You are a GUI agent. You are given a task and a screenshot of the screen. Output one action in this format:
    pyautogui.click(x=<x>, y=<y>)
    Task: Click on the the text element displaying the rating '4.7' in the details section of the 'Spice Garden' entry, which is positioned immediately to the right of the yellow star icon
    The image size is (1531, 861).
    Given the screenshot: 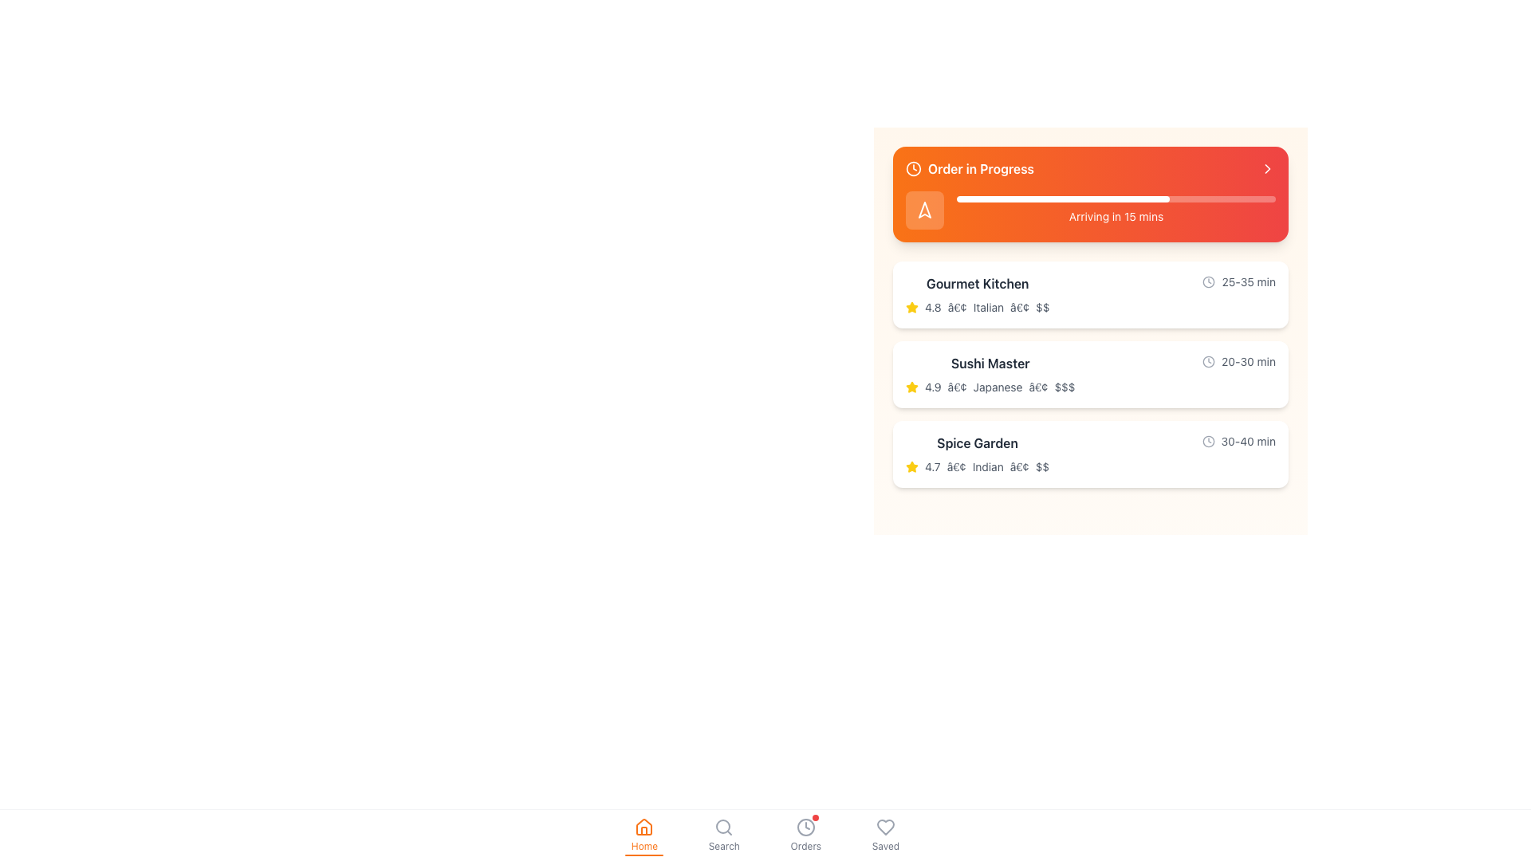 What is the action you would take?
    pyautogui.click(x=932, y=466)
    